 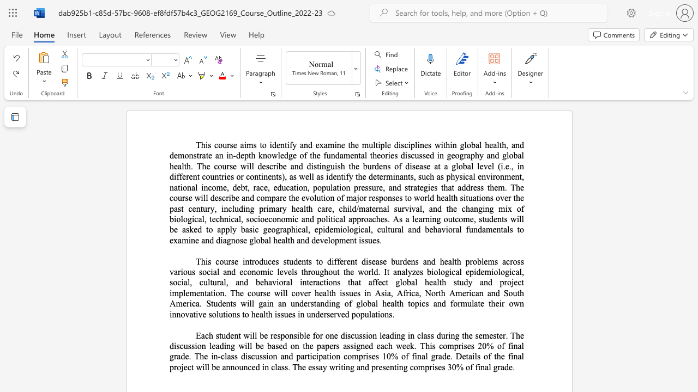 What do you see at coordinates (345, 176) in the screenshot?
I see `the subset text "fy the determinants, such as physical" within the text "), as well as identify the determinants, such as physical environment, national income, debt, race, education, population pressure, and strategies that address them. The course will describe and compare the evolution of major responses to world health situations over the past century, including primary health care, child/maternal survival, and the changing mix of biological, technical, socioeconomic and political approaches."` at bounding box center [345, 176].